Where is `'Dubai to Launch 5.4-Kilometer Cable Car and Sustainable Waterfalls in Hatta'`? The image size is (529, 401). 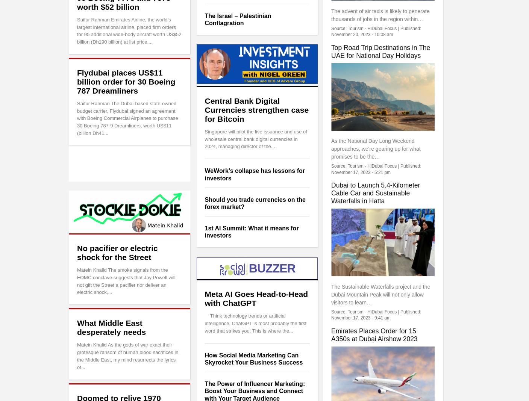 'Dubai to Launch 5.4-Kilometer Cable Car and Sustainable Waterfalls in Hatta' is located at coordinates (375, 192).